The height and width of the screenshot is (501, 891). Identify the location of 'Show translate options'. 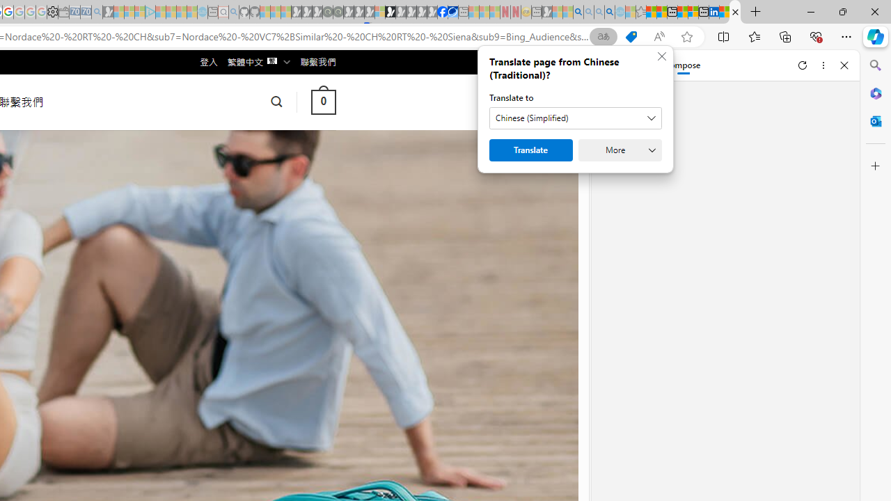
(604, 36).